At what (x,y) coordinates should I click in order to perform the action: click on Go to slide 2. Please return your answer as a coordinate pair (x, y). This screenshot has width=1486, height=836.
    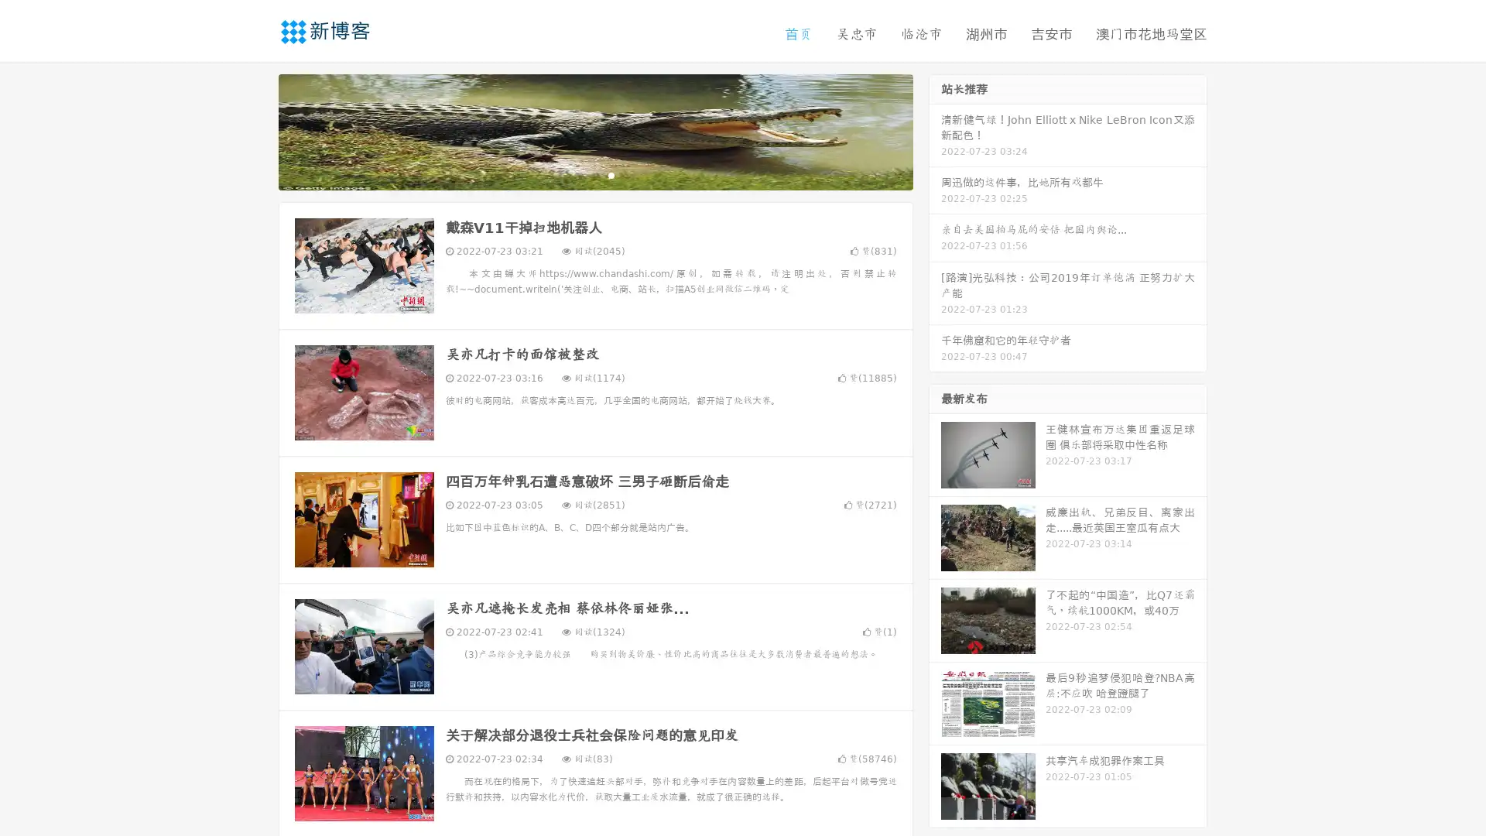
    Looking at the image, I should click on (594, 174).